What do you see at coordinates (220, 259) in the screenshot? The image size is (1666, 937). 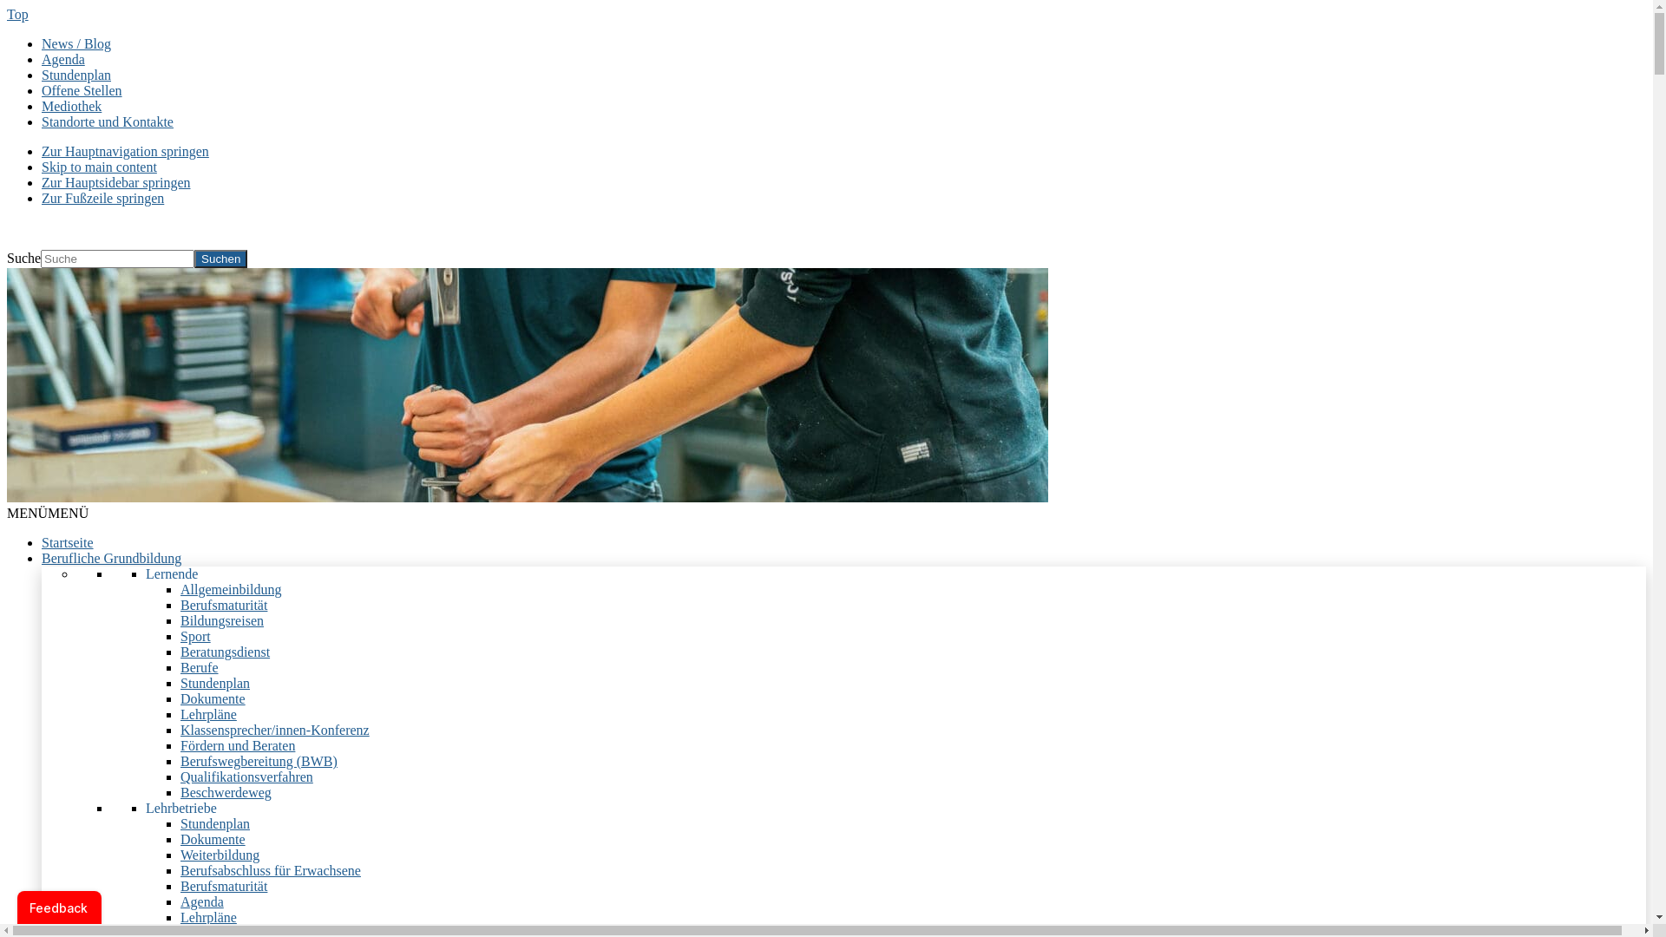 I see `'Suchen'` at bounding box center [220, 259].